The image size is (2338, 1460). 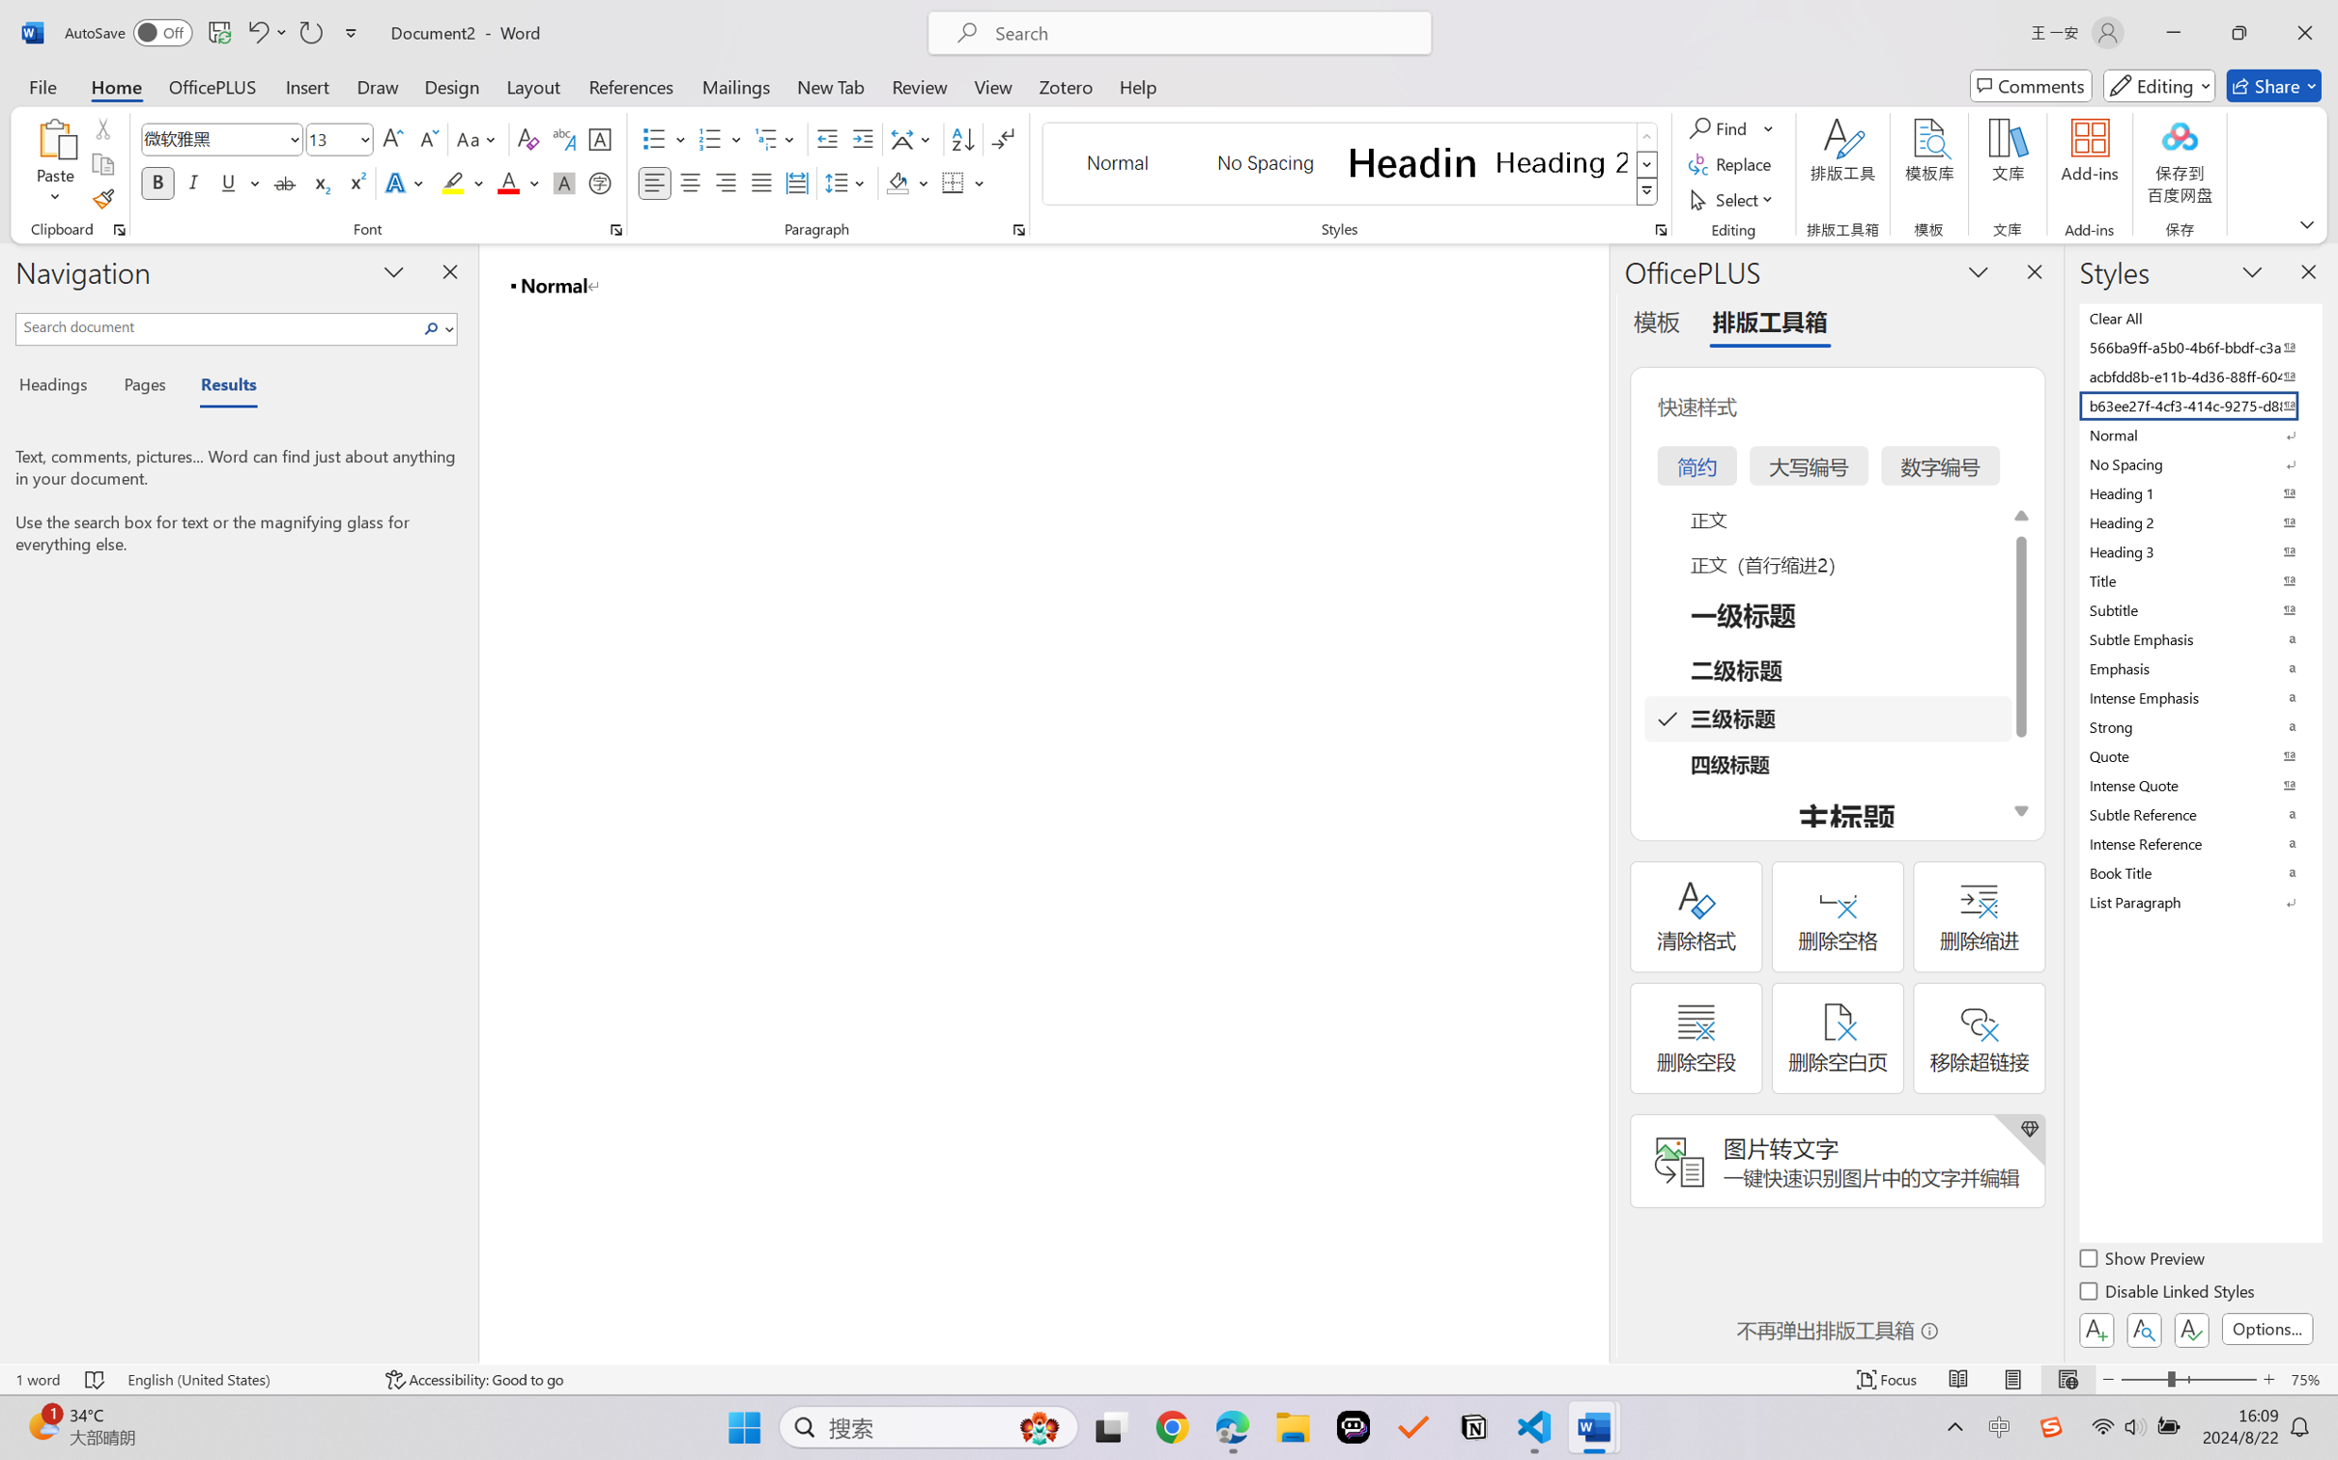 I want to click on 'Mailings', so click(x=736, y=85).